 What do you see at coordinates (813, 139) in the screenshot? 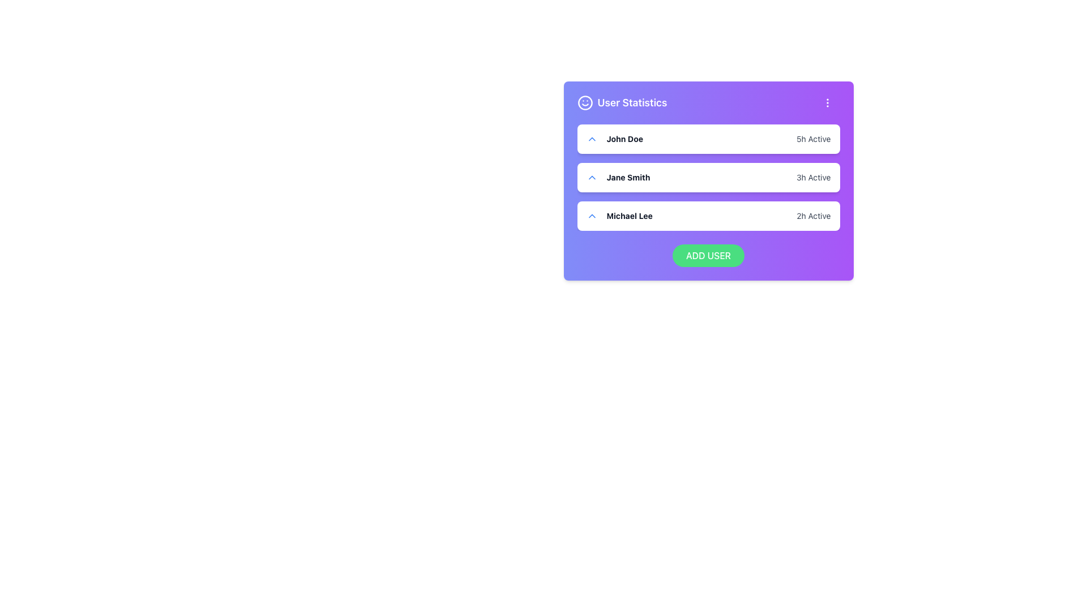
I see `activity status text label indicating the duration since the last activity for 'John Doe', located on the right side of the user details panel` at bounding box center [813, 139].